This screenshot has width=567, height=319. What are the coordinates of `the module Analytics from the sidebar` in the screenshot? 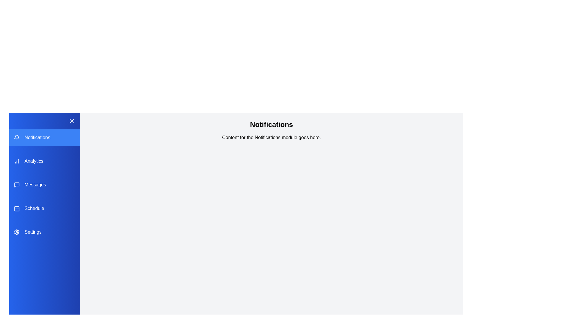 It's located at (44, 161).